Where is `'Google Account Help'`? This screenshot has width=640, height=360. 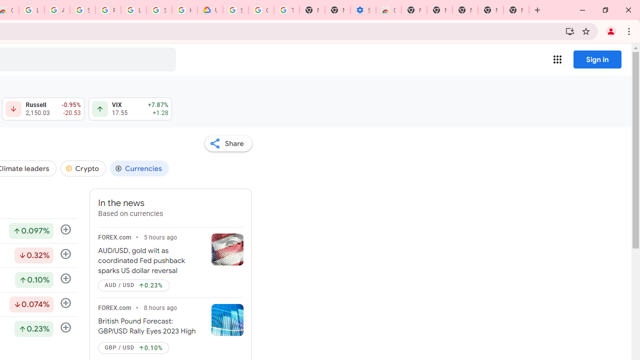
'Google Account Help' is located at coordinates (261, 10).